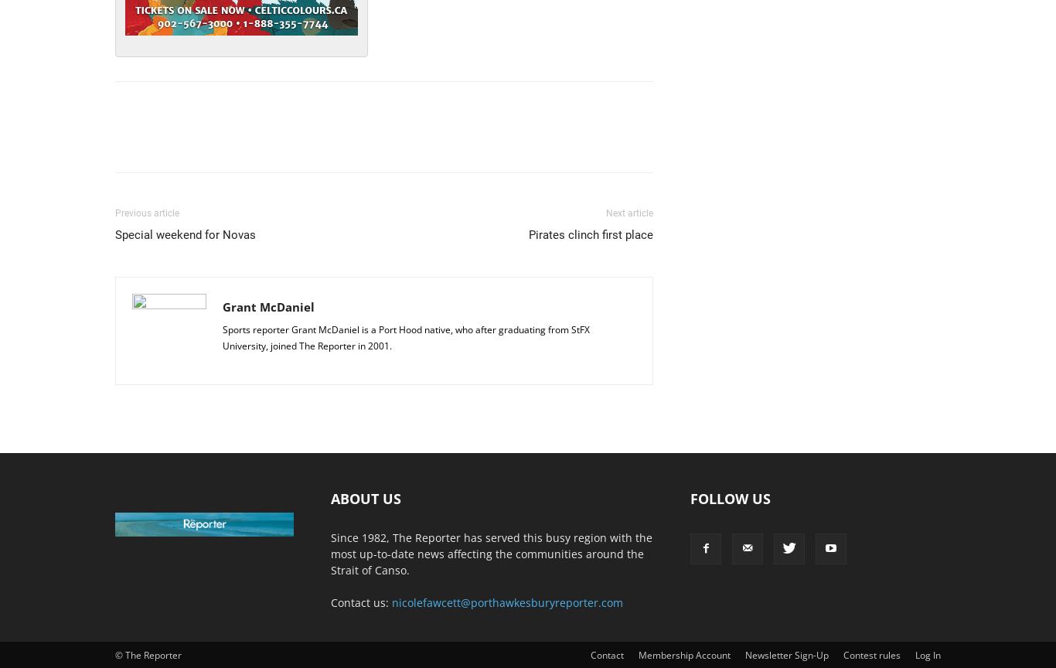 Image resolution: width=1056 pixels, height=668 pixels. I want to click on 'Share', so click(165, 139).